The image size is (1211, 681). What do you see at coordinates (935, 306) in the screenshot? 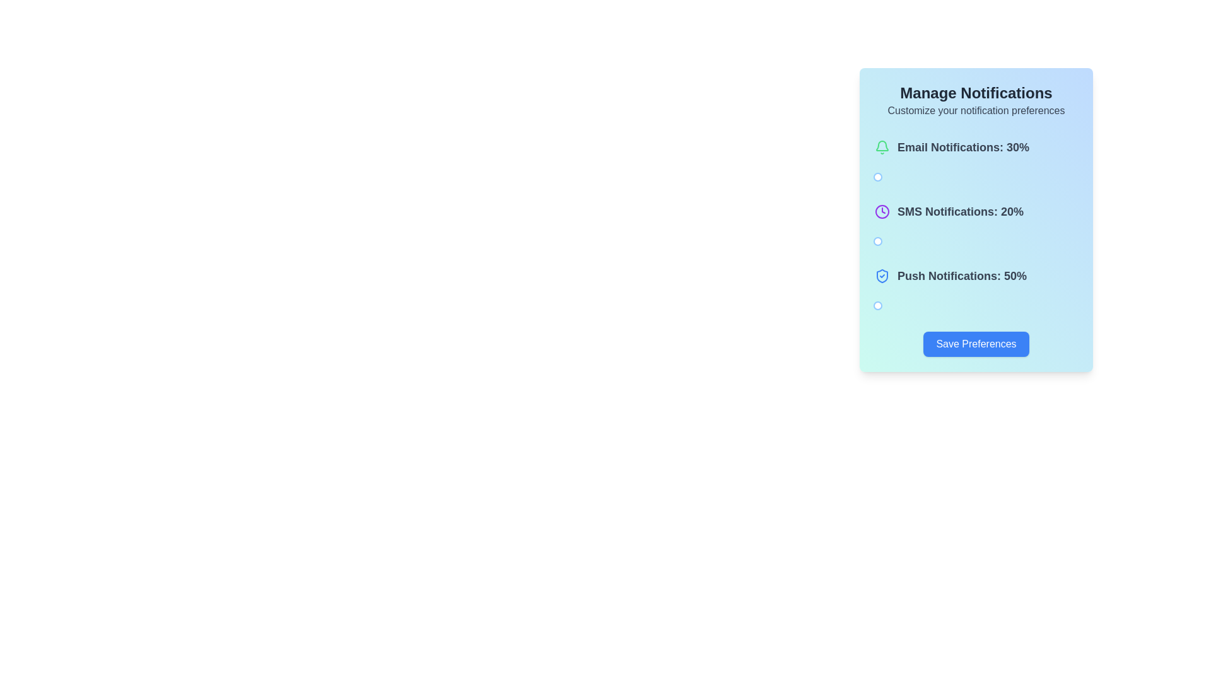
I see `the 'Push Notifications' value` at bounding box center [935, 306].